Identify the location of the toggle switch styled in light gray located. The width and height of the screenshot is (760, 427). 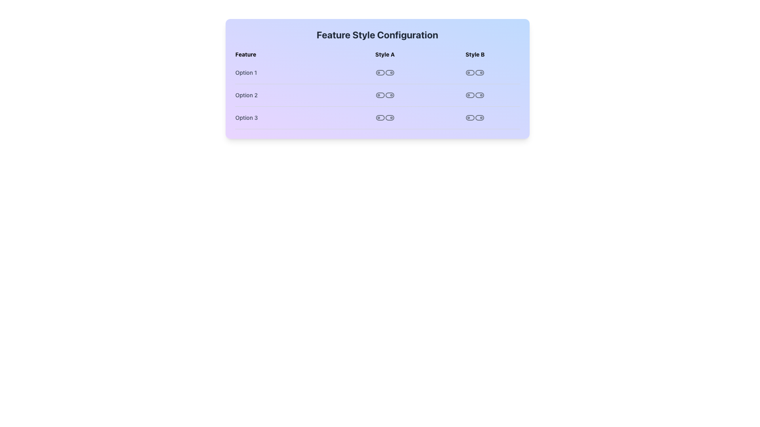
(470, 117).